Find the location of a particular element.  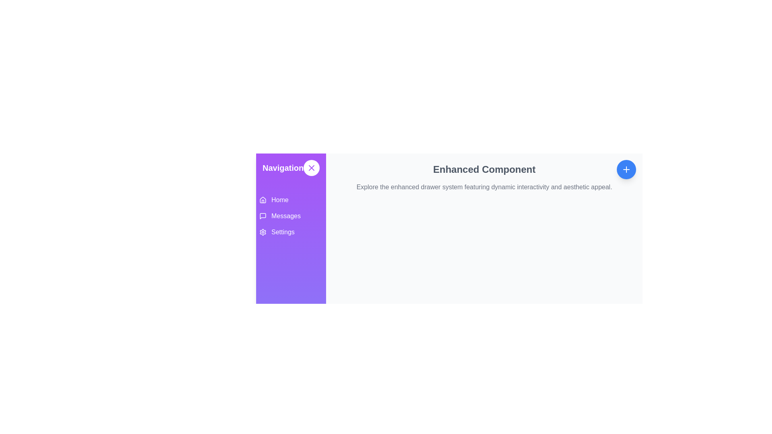

the close button located to the right of the 'Navigation' text in the purple sidebar is located at coordinates (311, 167).